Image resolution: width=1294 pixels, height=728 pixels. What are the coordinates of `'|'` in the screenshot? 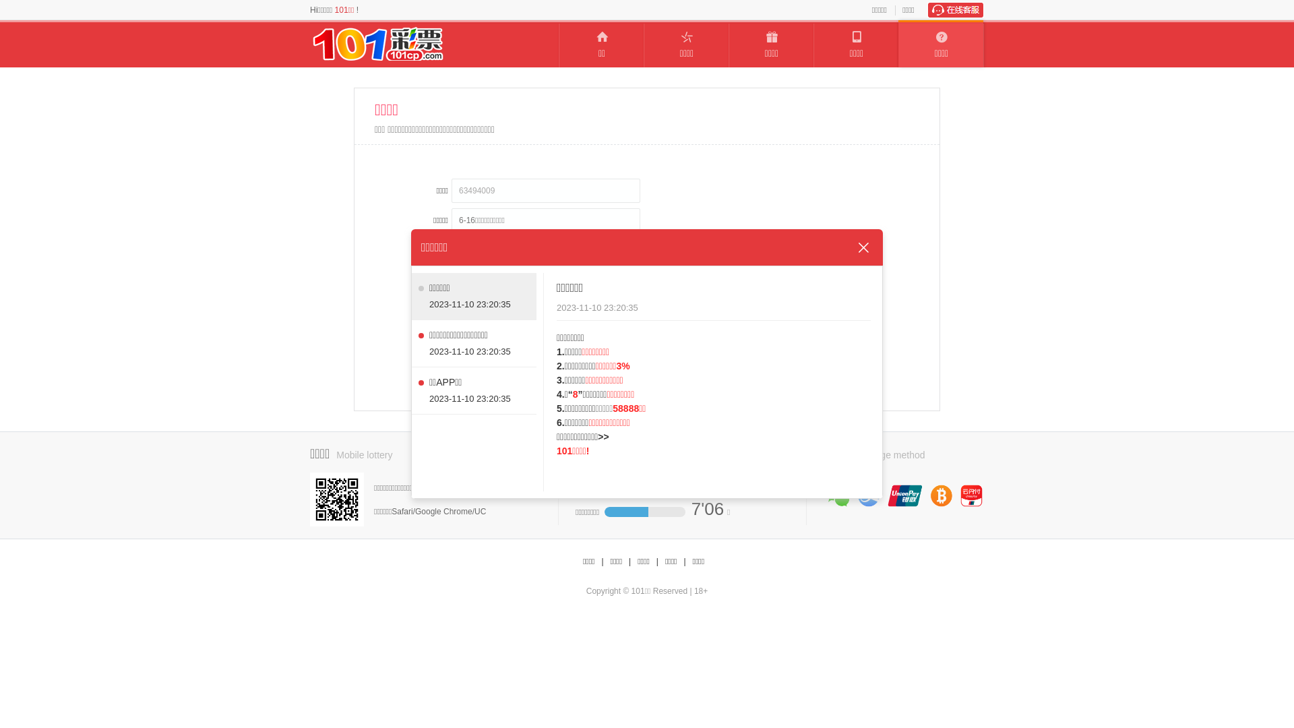 It's located at (684, 562).